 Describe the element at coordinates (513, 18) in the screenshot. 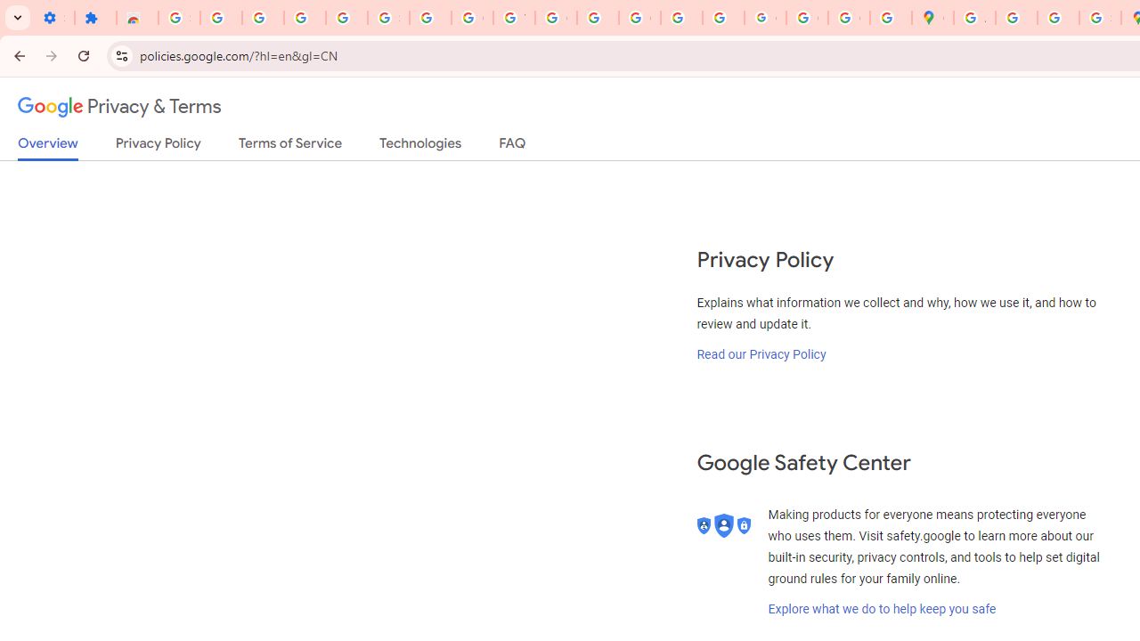

I see `'YouTube'` at that location.